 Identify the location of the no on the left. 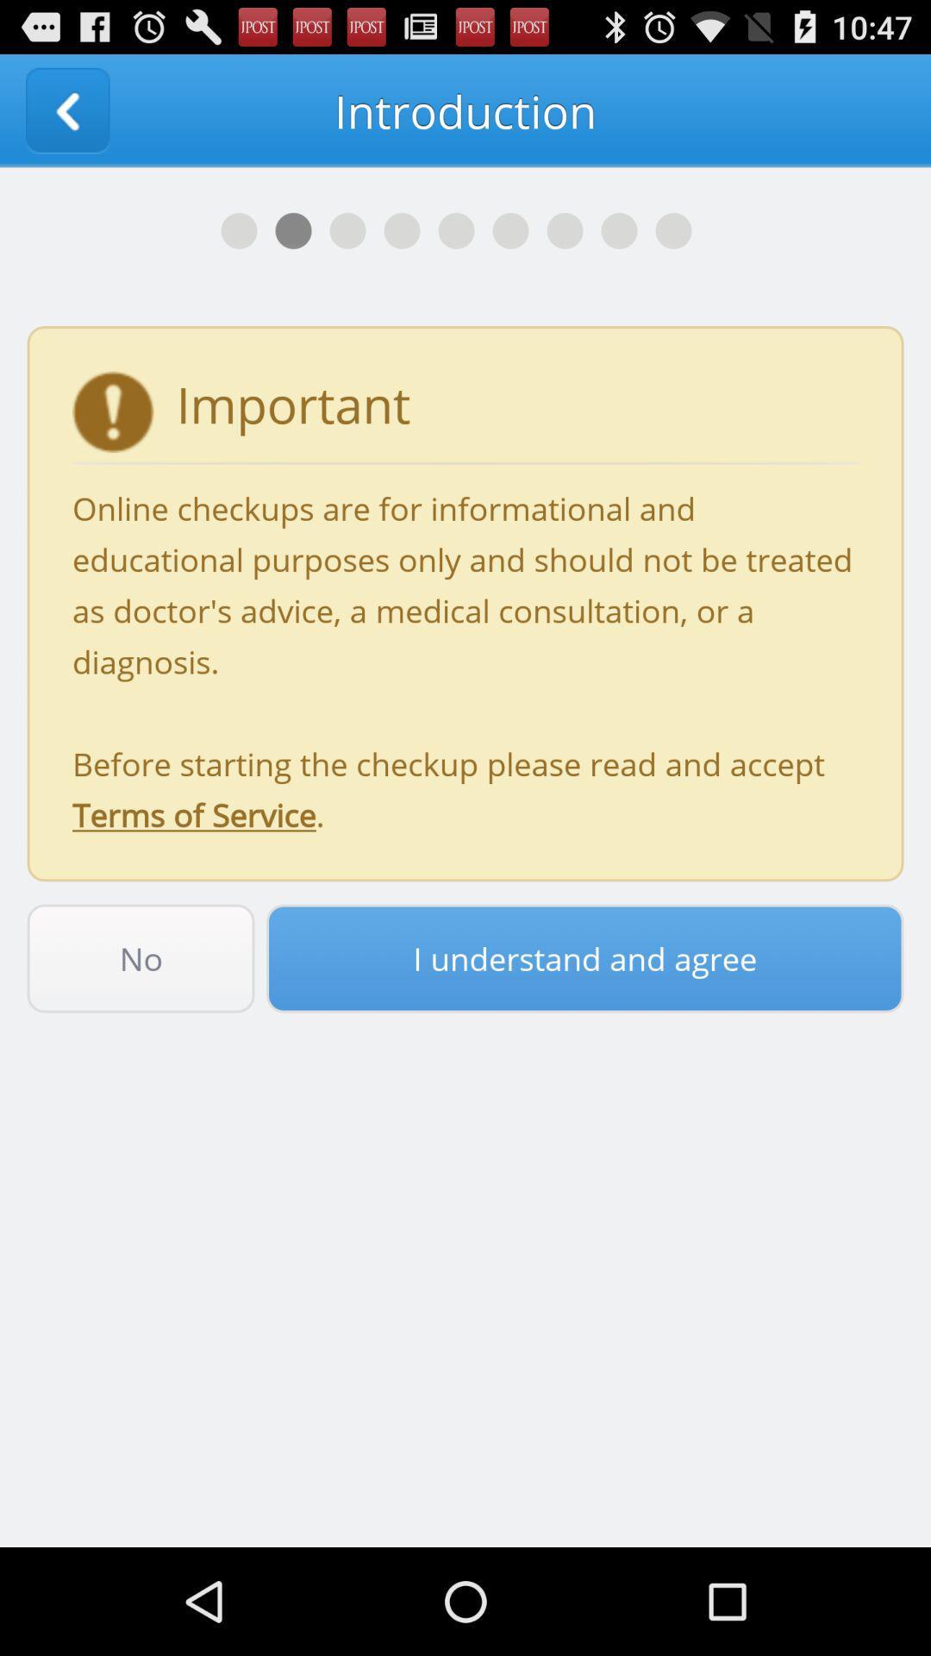
(140, 957).